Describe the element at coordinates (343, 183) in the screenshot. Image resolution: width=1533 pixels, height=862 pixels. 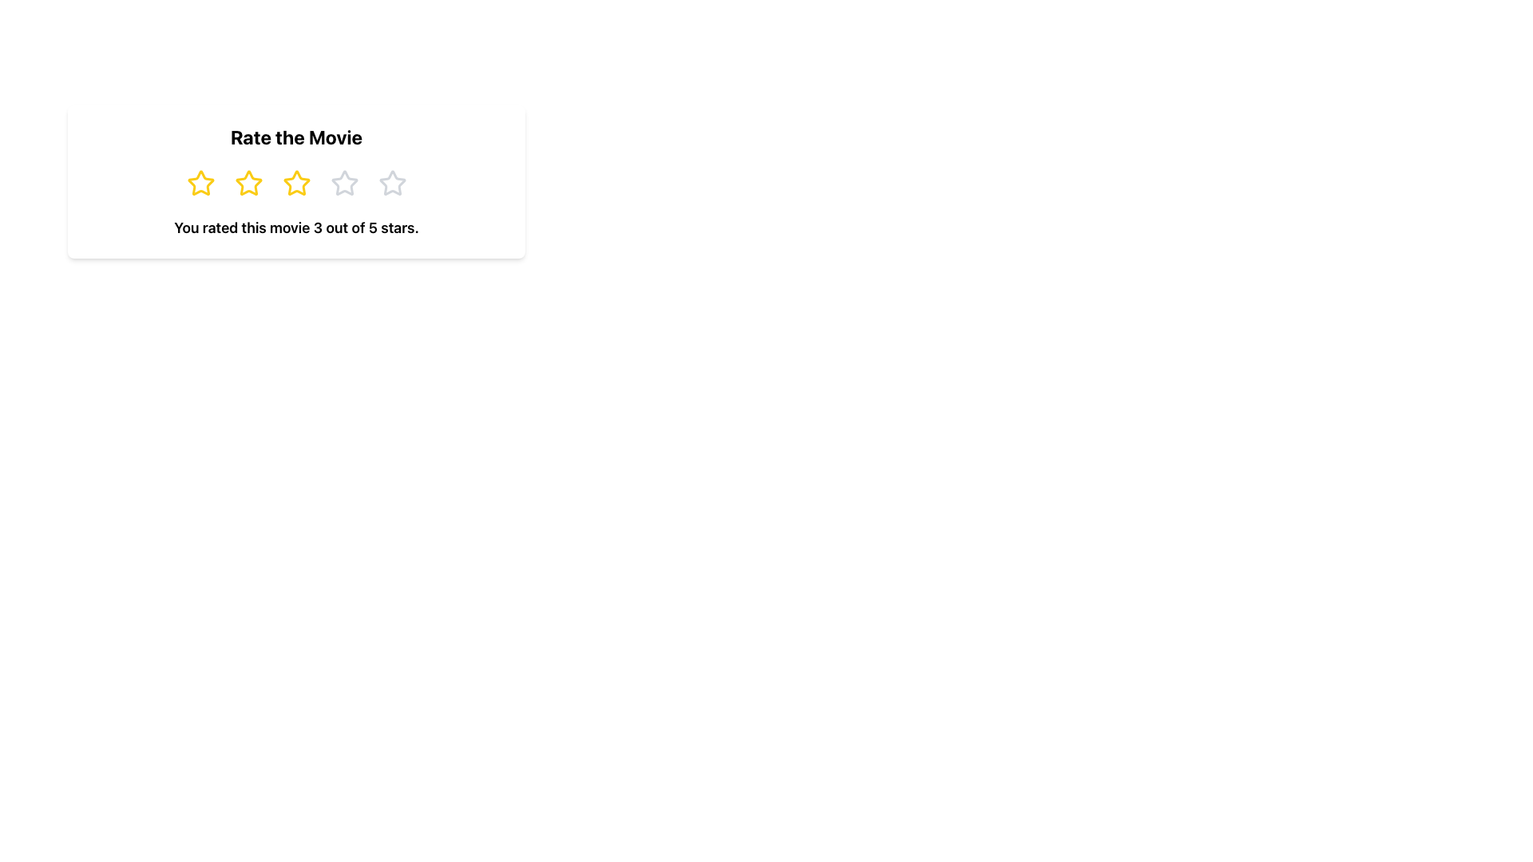
I see `the fourth star icon in the rating sequence to indicate interest in rating 4 stars` at that location.